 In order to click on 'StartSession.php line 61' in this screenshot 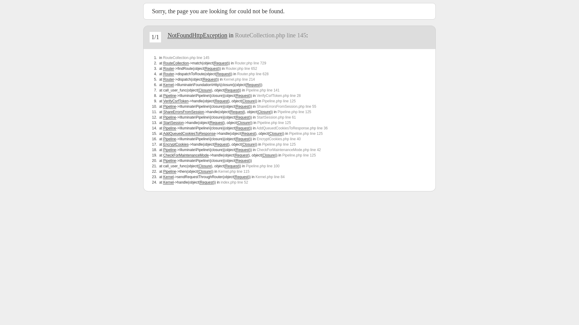, I will do `click(276, 117)`.